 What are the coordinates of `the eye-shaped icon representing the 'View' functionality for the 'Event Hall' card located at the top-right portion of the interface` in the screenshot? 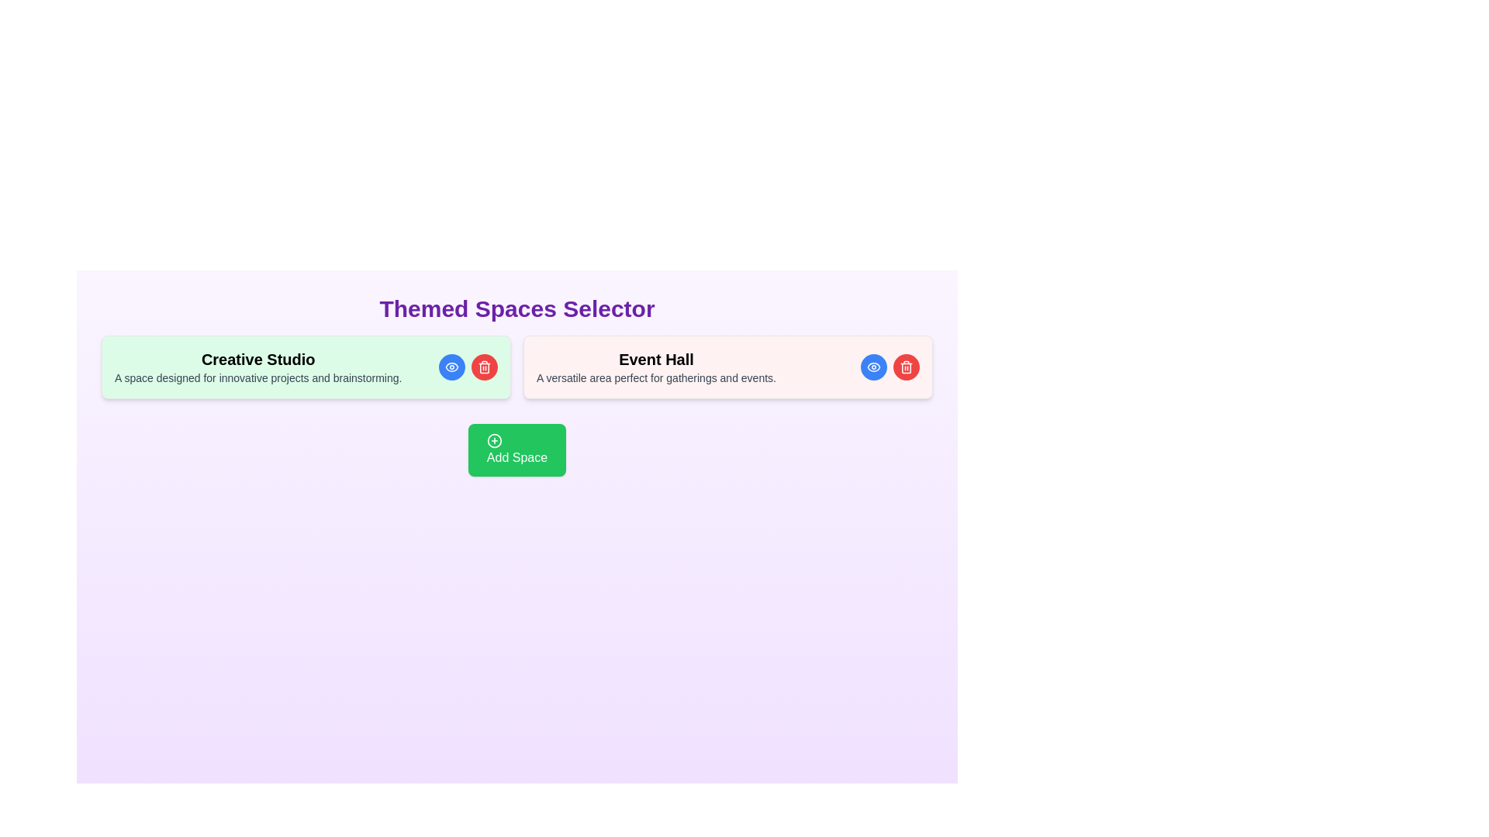 It's located at (451, 367).